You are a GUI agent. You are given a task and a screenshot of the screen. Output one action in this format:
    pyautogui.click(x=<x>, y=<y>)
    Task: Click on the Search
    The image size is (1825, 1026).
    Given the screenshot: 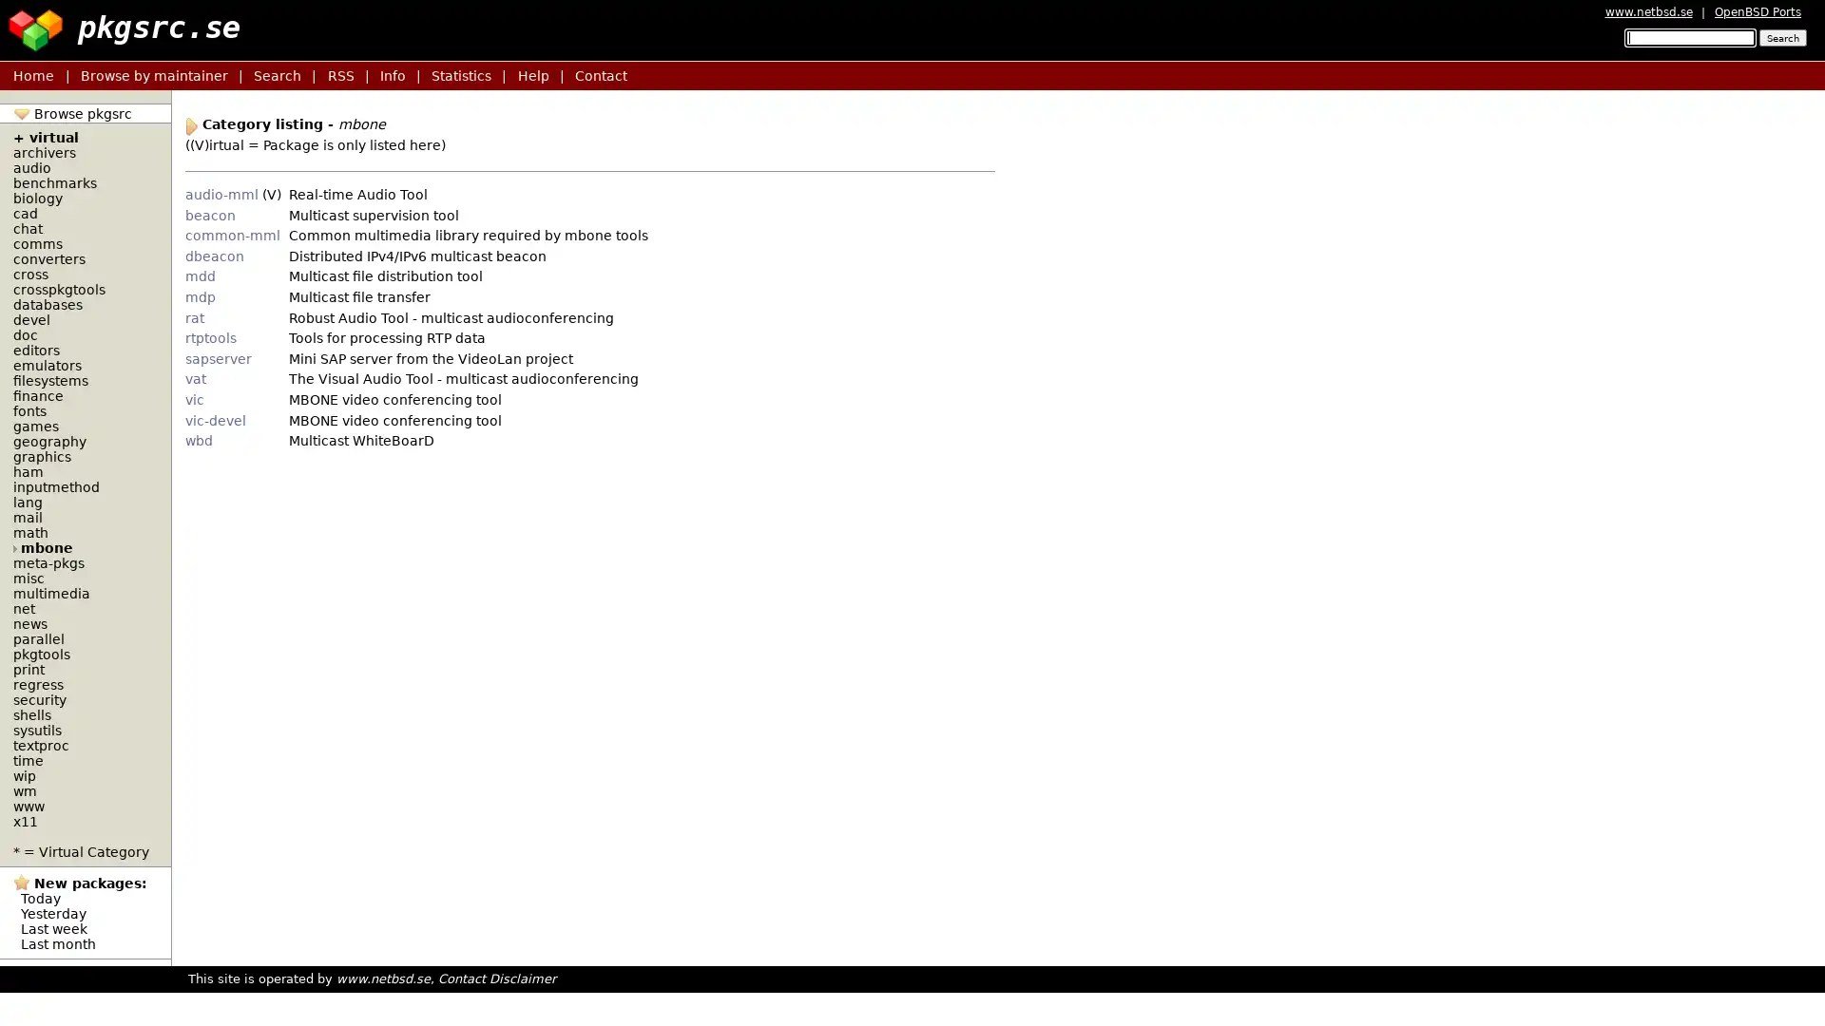 What is the action you would take?
    pyautogui.click(x=1781, y=37)
    